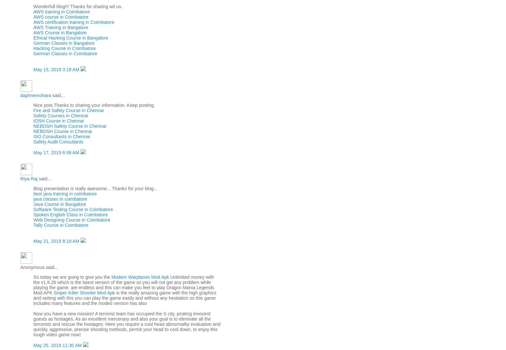 The height and width of the screenshot is (350, 506). Describe the element at coordinates (57, 152) in the screenshot. I see `'May 17, 2019 6:08 AM'` at that location.